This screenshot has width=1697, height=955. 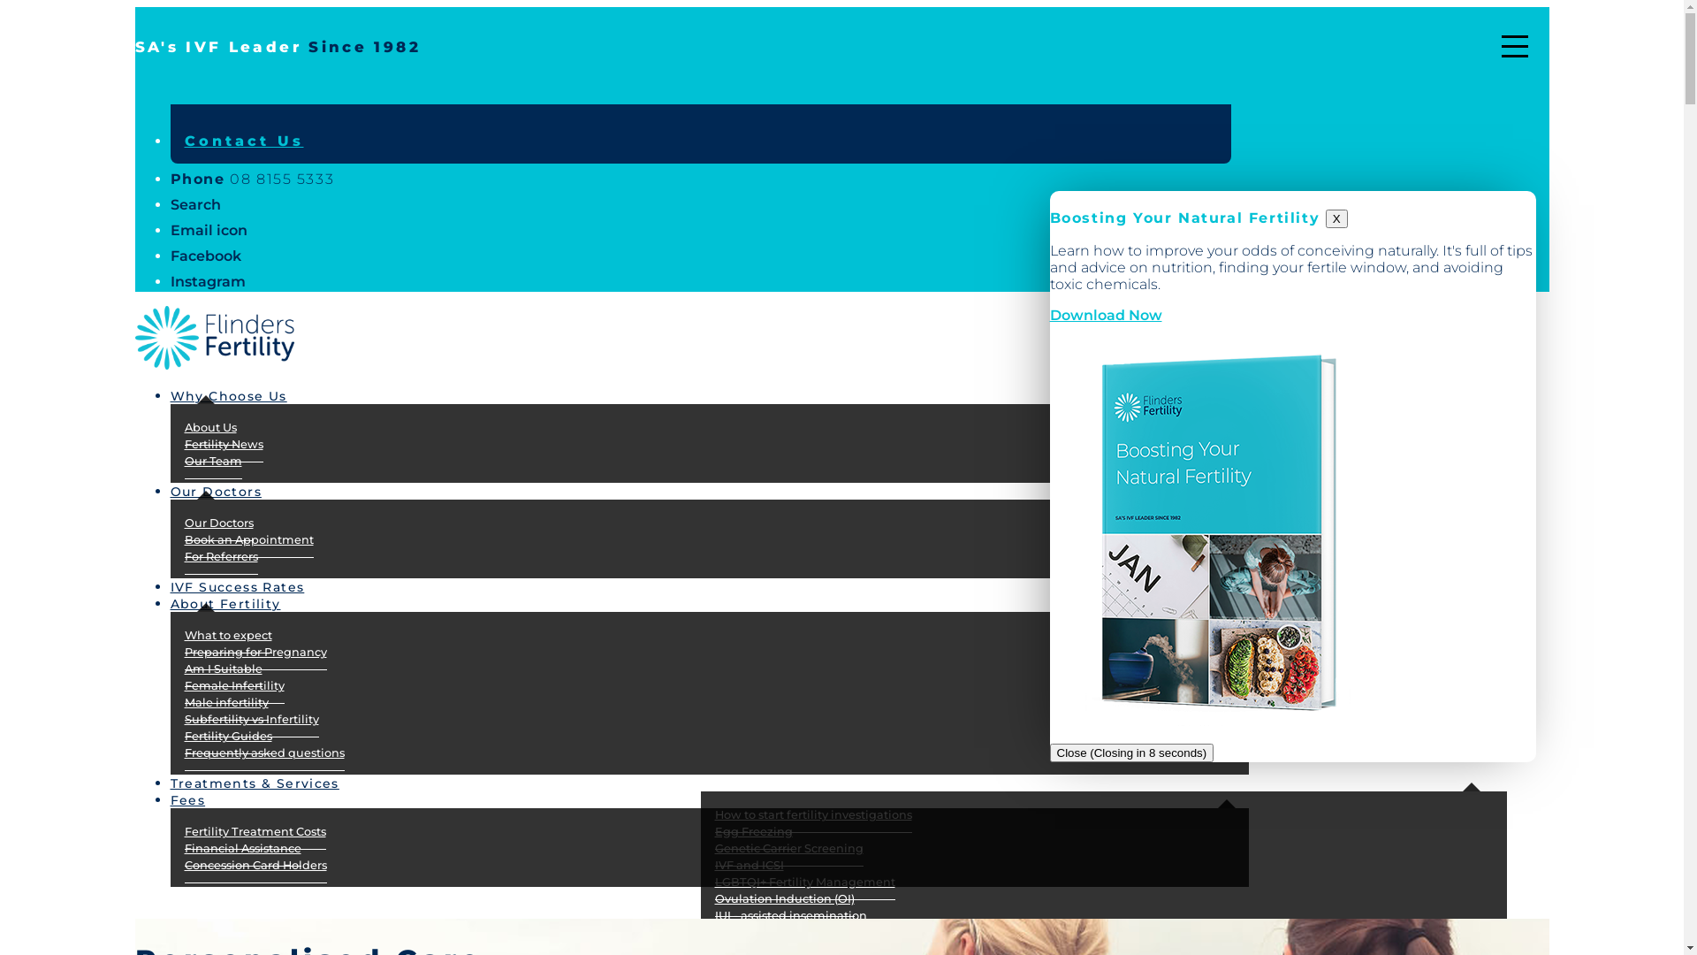 I want to click on 'Female Infertility', so click(x=183, y=684).